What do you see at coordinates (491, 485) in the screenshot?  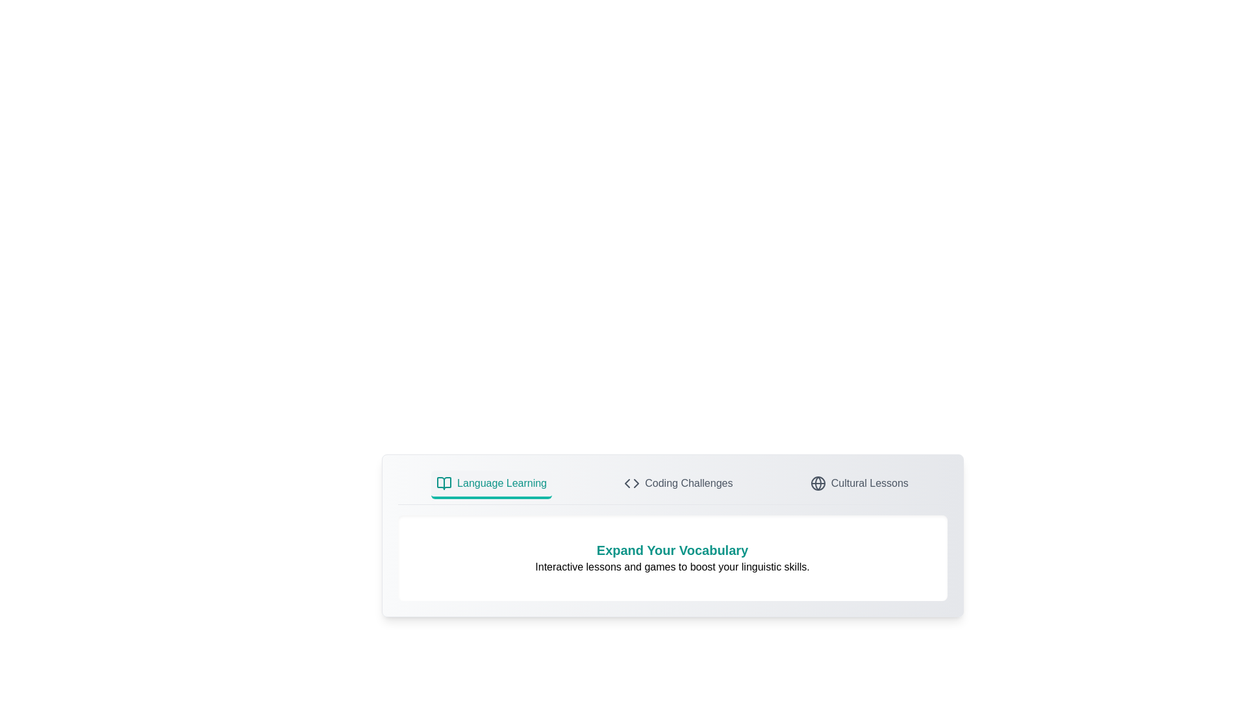 I see `the tab labeled Language Learning to switch views` at bounding box center [491, 485].